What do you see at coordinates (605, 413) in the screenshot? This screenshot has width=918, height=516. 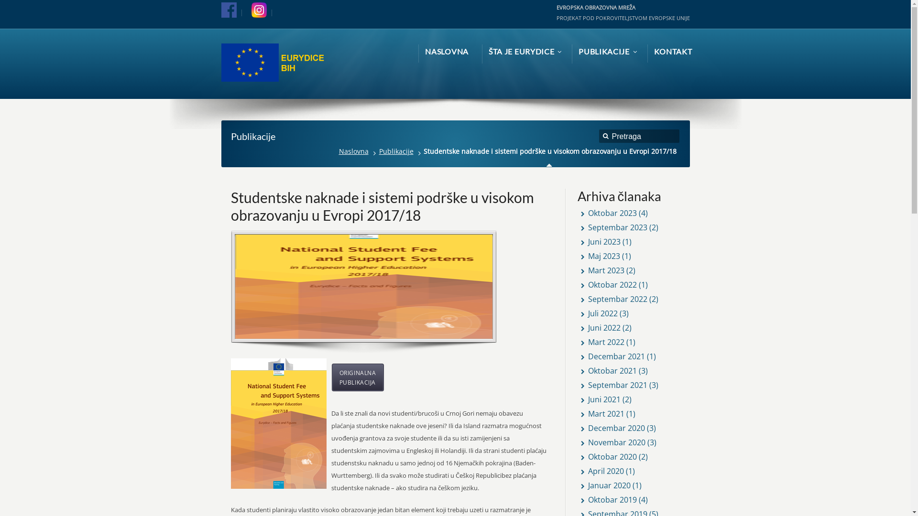 I see `'Mart 2021'` at bounding box center [605, 413].